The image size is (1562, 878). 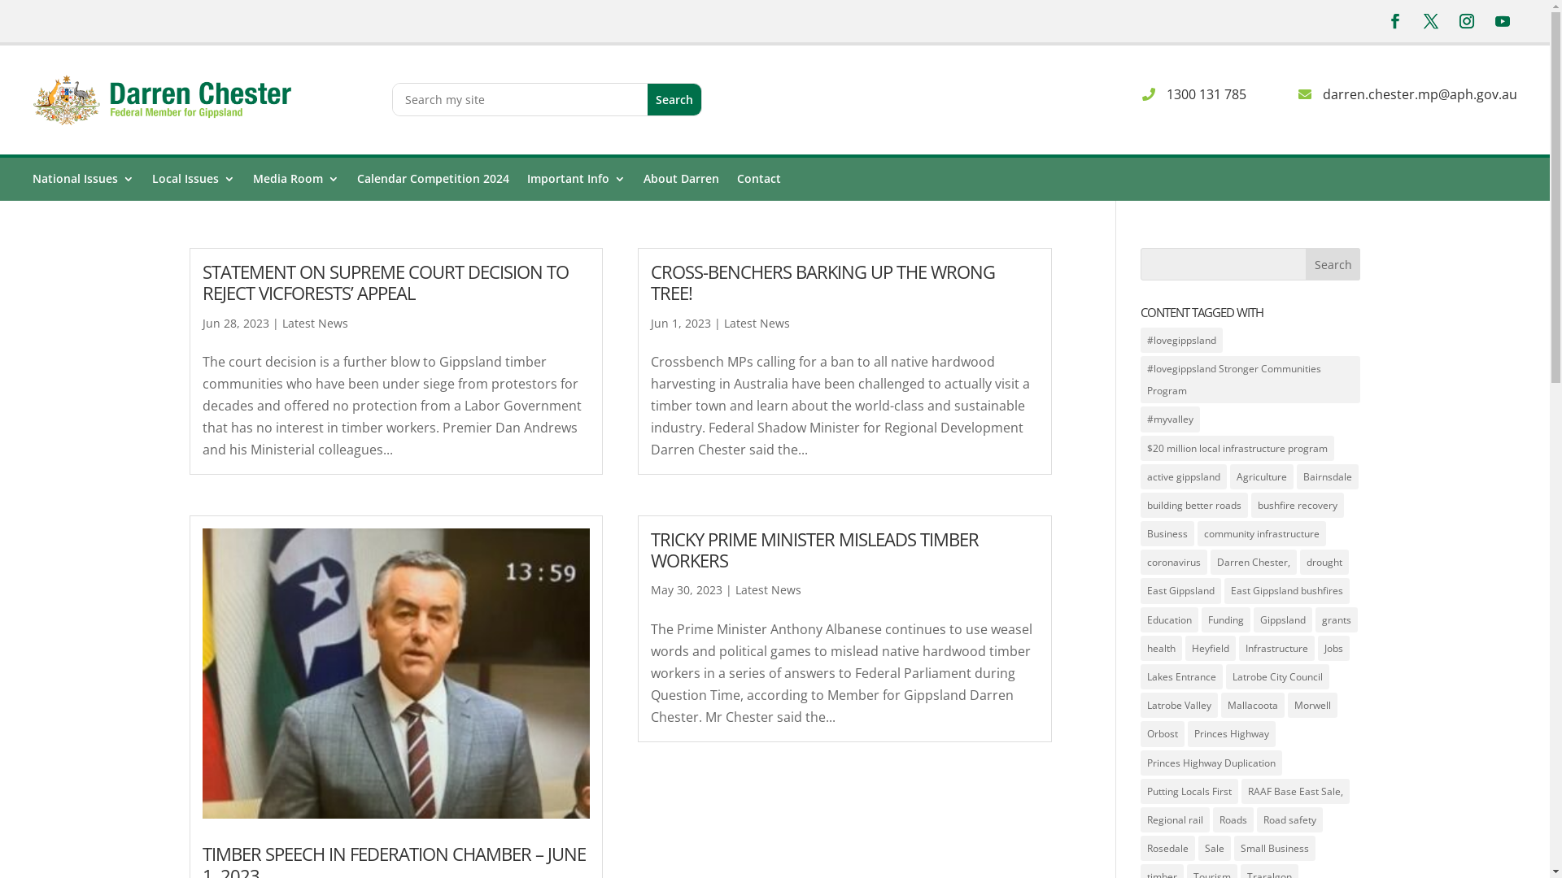 What do you see at coordinates (1276, 676) in the screenshot?
I see `'Latrobe City Council'` at bounding box center [1276, 676].